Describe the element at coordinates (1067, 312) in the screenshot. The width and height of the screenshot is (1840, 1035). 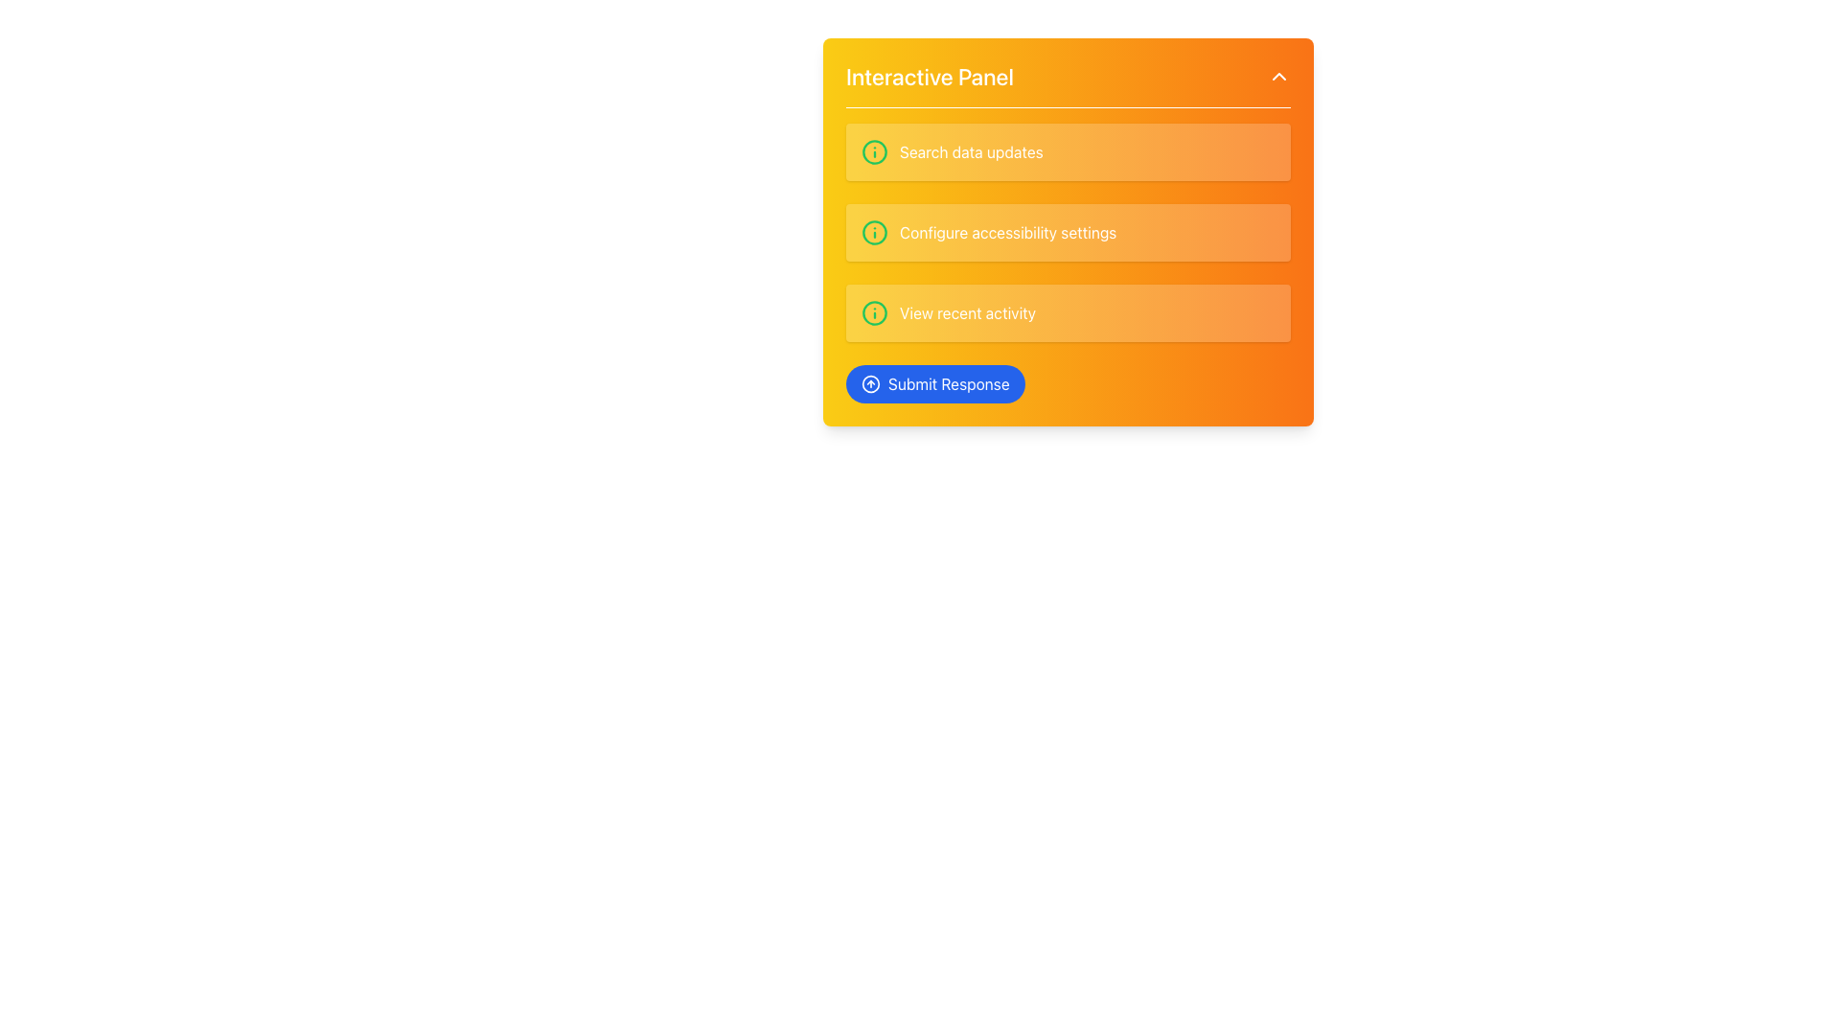
I see `the third item in the vertically stacked list of options that displays recent activity logs, located between 'Configure accessibility settings' and 'Submit Response'` at that location.